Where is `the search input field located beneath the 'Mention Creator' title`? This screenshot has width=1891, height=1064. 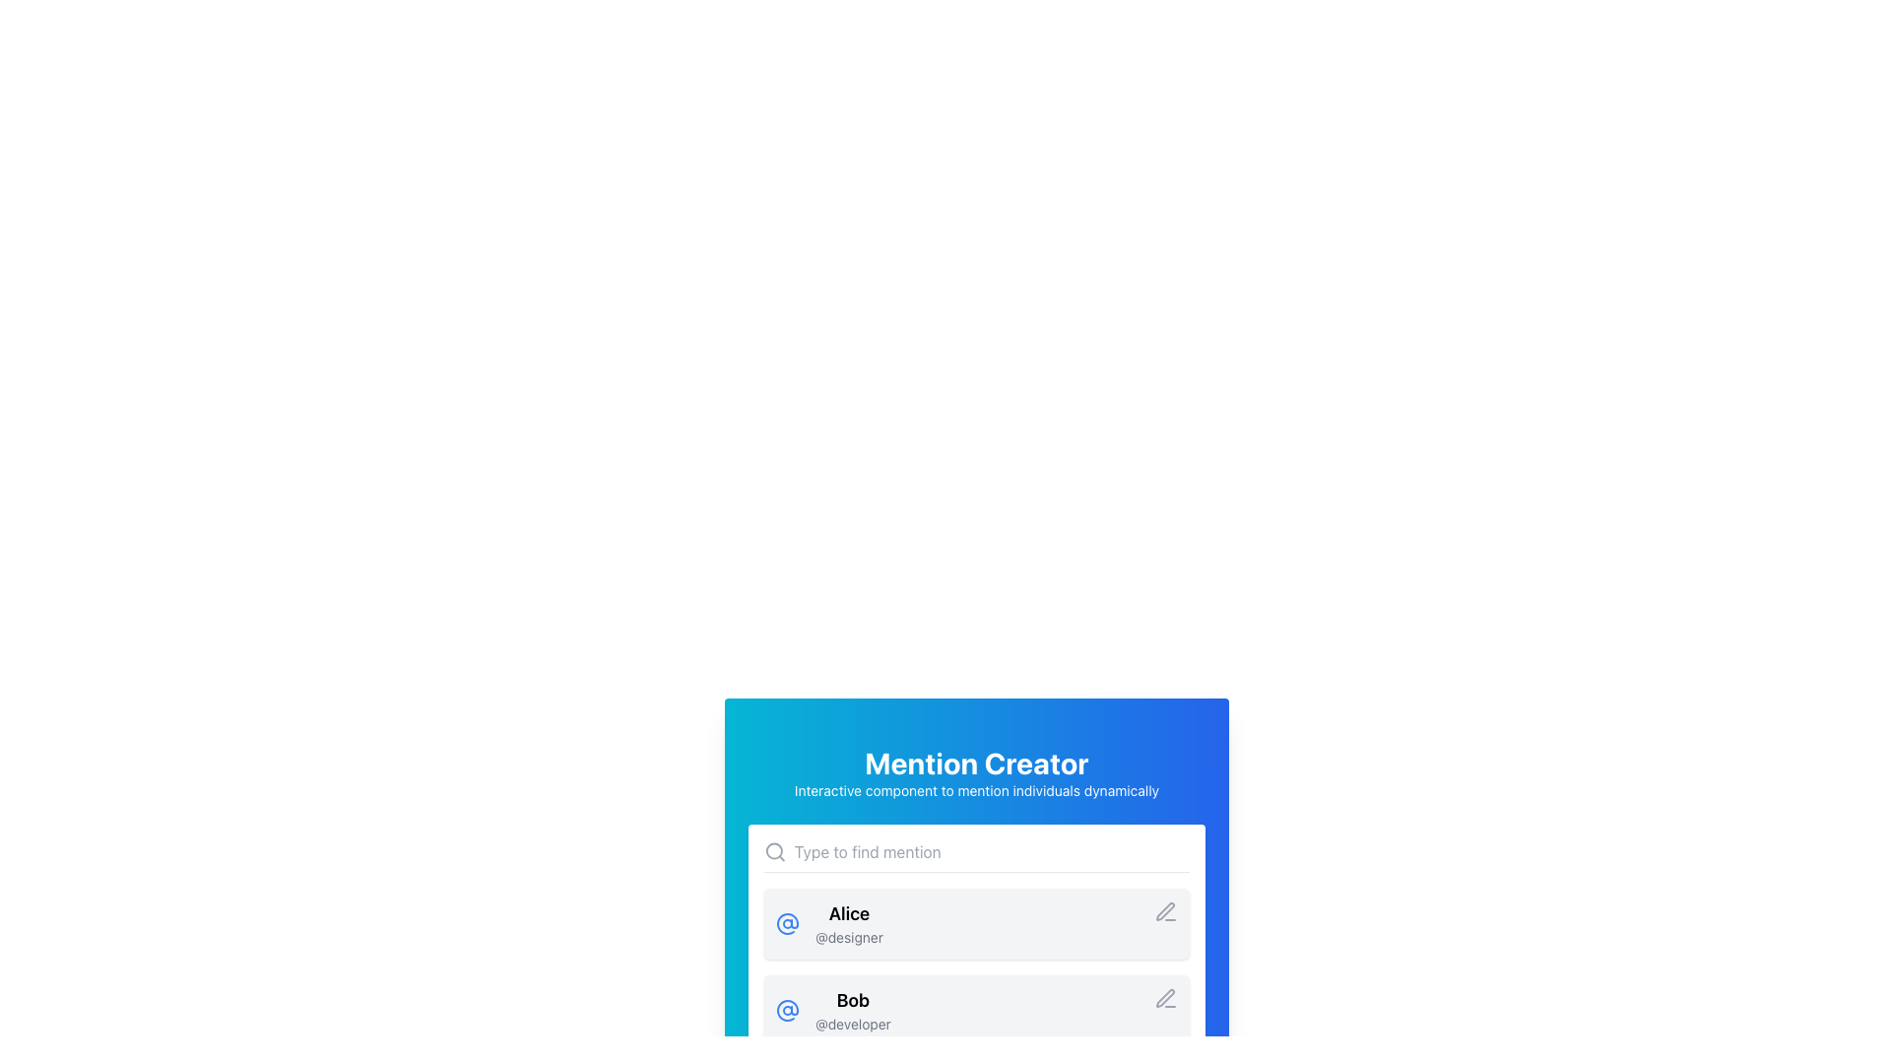 the search input field located beneath the 'Mention Creator' title is located at coordinates (977, 854).